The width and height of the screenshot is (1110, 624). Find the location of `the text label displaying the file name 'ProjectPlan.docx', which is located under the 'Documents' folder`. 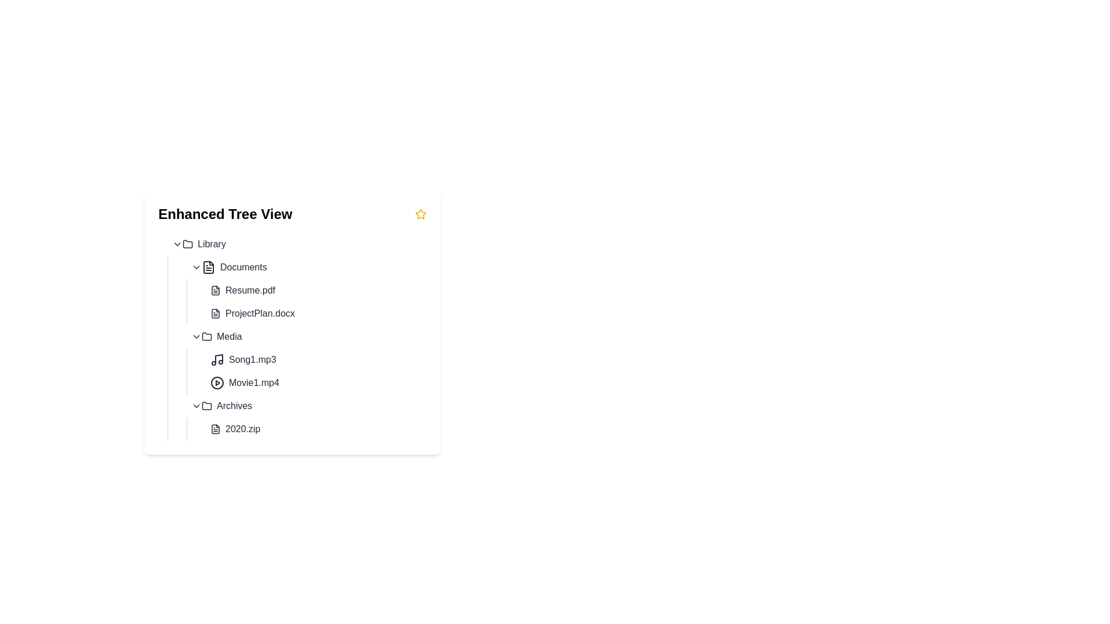

the text label displaying the file name 'ProjectPlan.docx', which is located under the 'Documents' folder is located at coordinates (260, 314).